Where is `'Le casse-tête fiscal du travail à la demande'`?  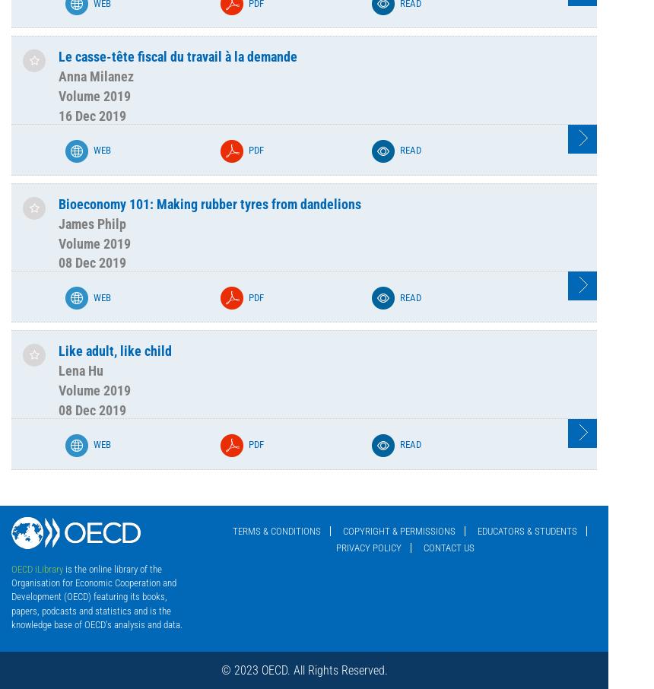
'Le casse-tête fiscal du travail à la demande' is located at coordinates (178, 56).